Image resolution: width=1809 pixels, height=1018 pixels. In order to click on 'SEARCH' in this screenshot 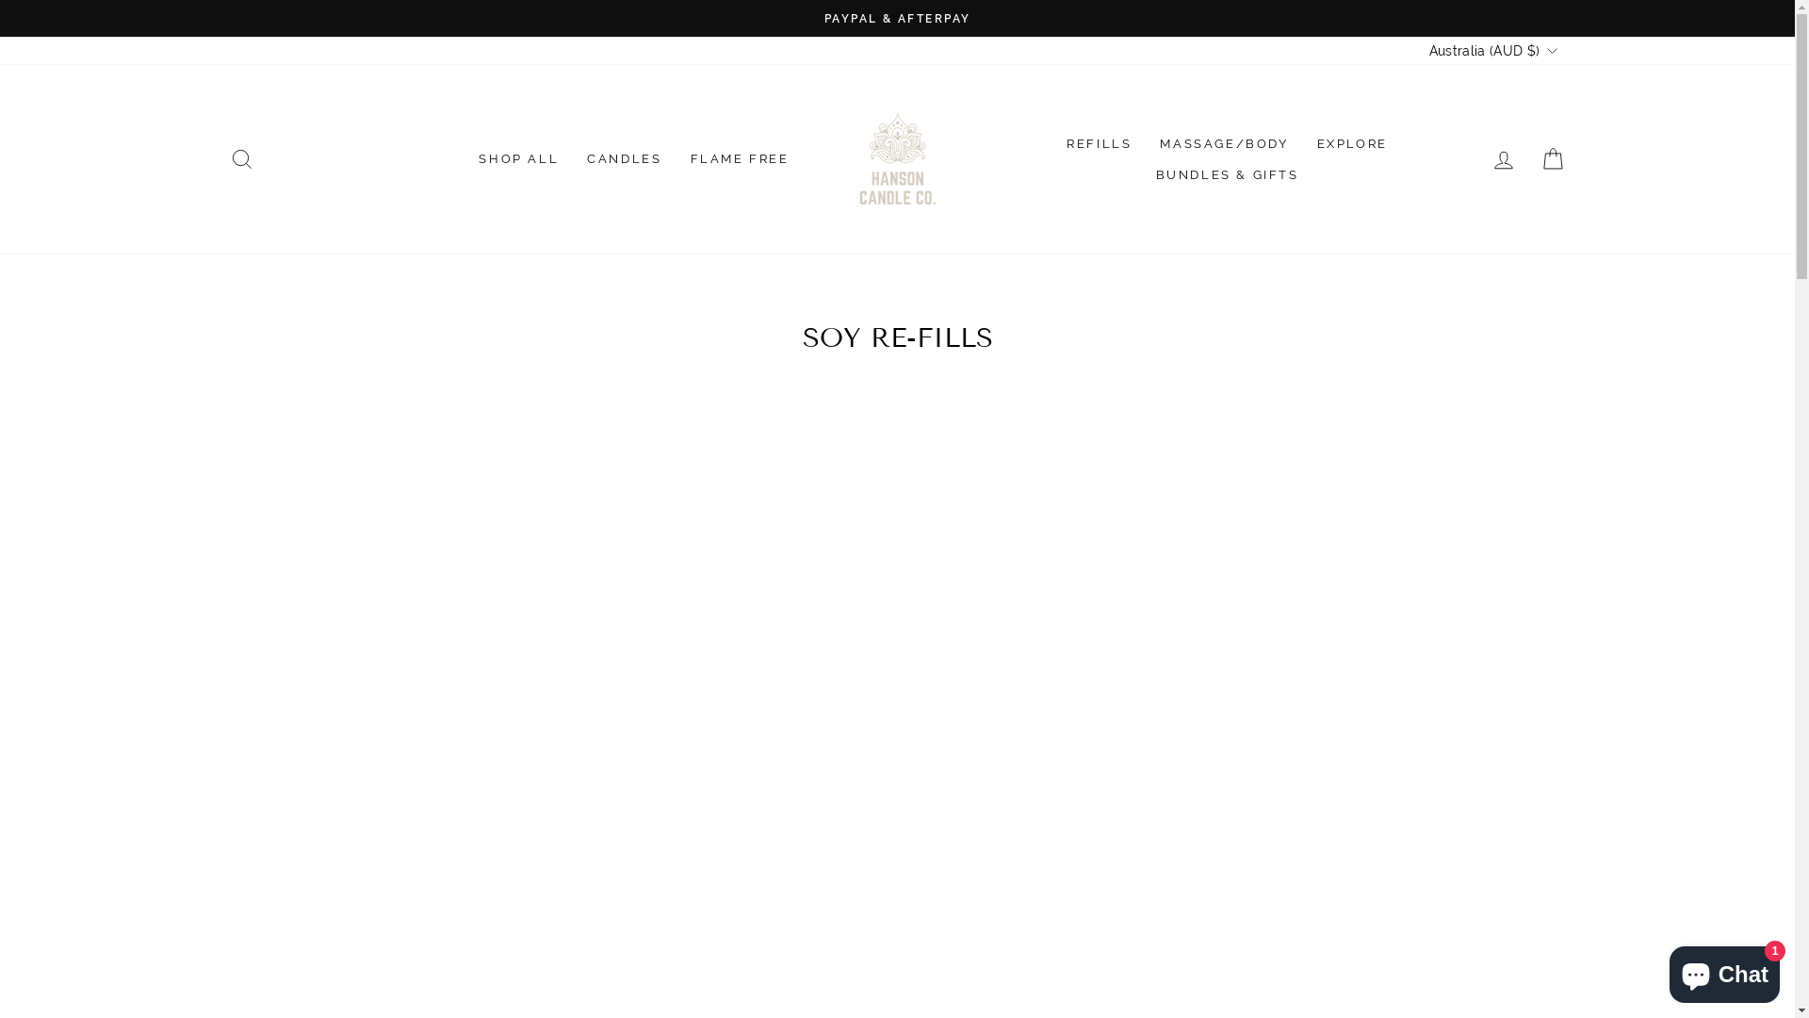, I will do `click(239, 158)`.